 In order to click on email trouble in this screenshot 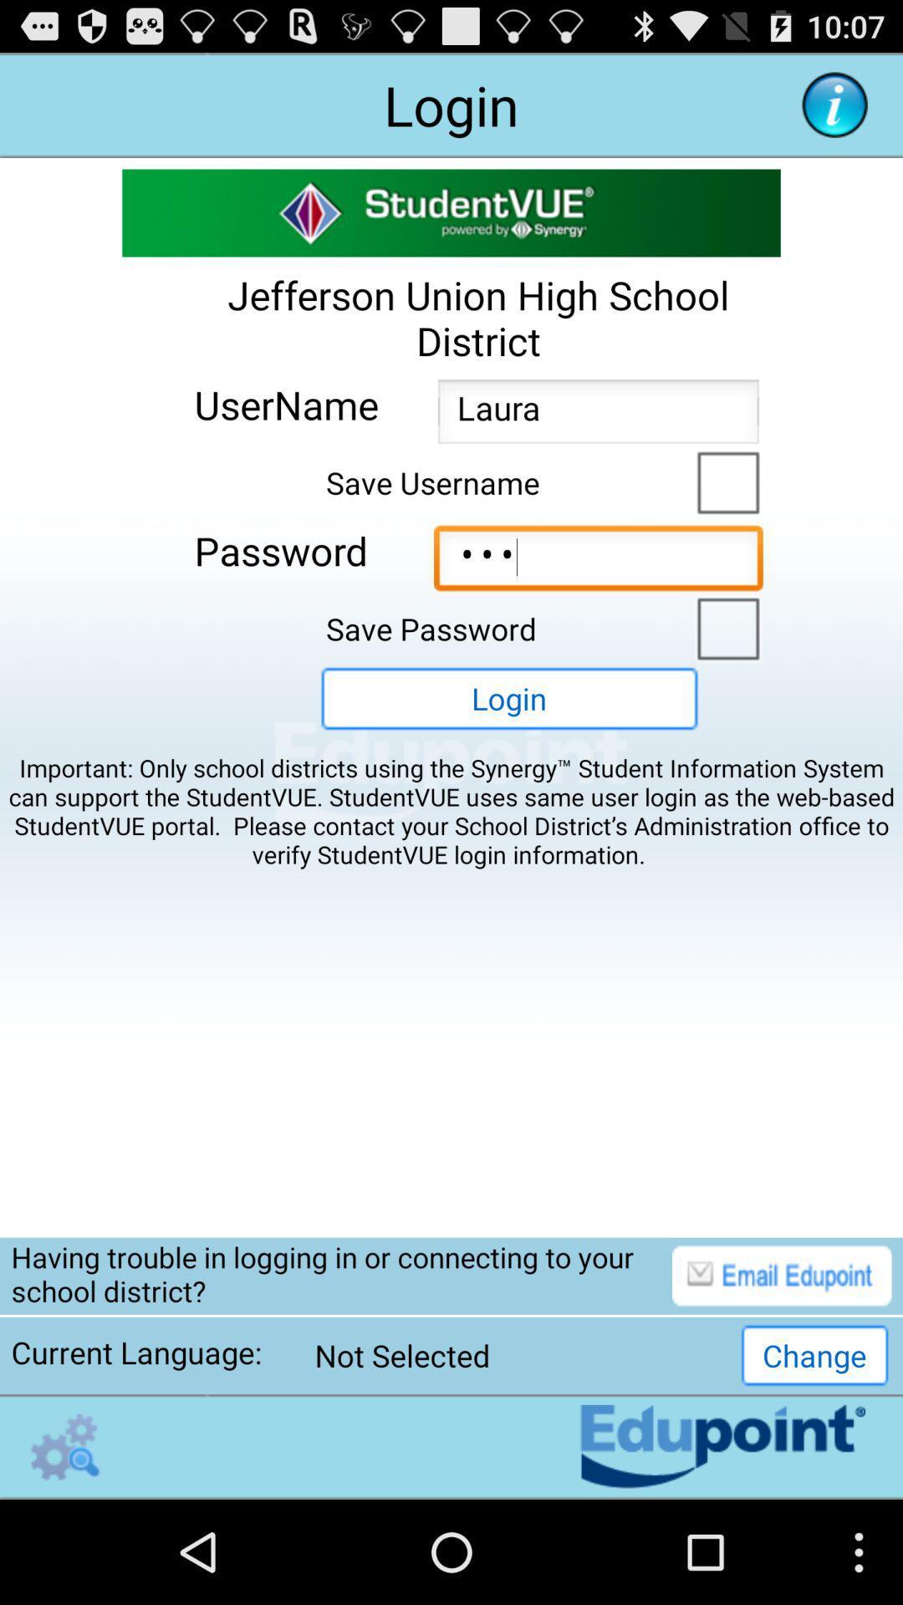, I will do `click(782, 1275)`.